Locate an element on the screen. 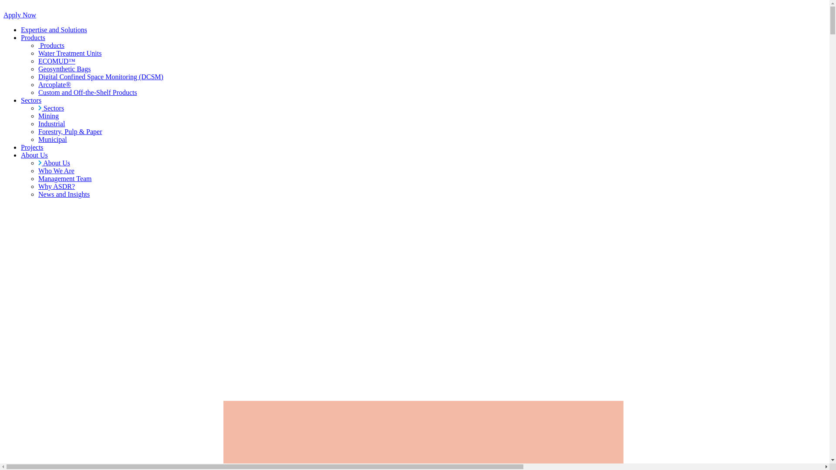  'Sectors' is located at coordinates (31, 100).